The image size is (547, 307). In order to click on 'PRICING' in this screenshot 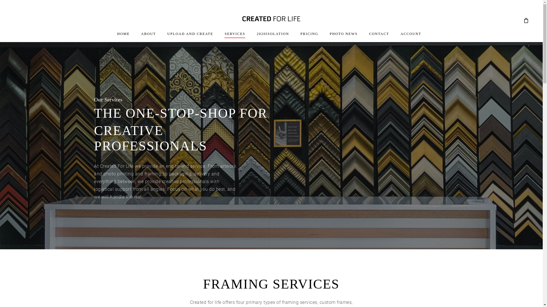, I will do `click(300, 37)`.